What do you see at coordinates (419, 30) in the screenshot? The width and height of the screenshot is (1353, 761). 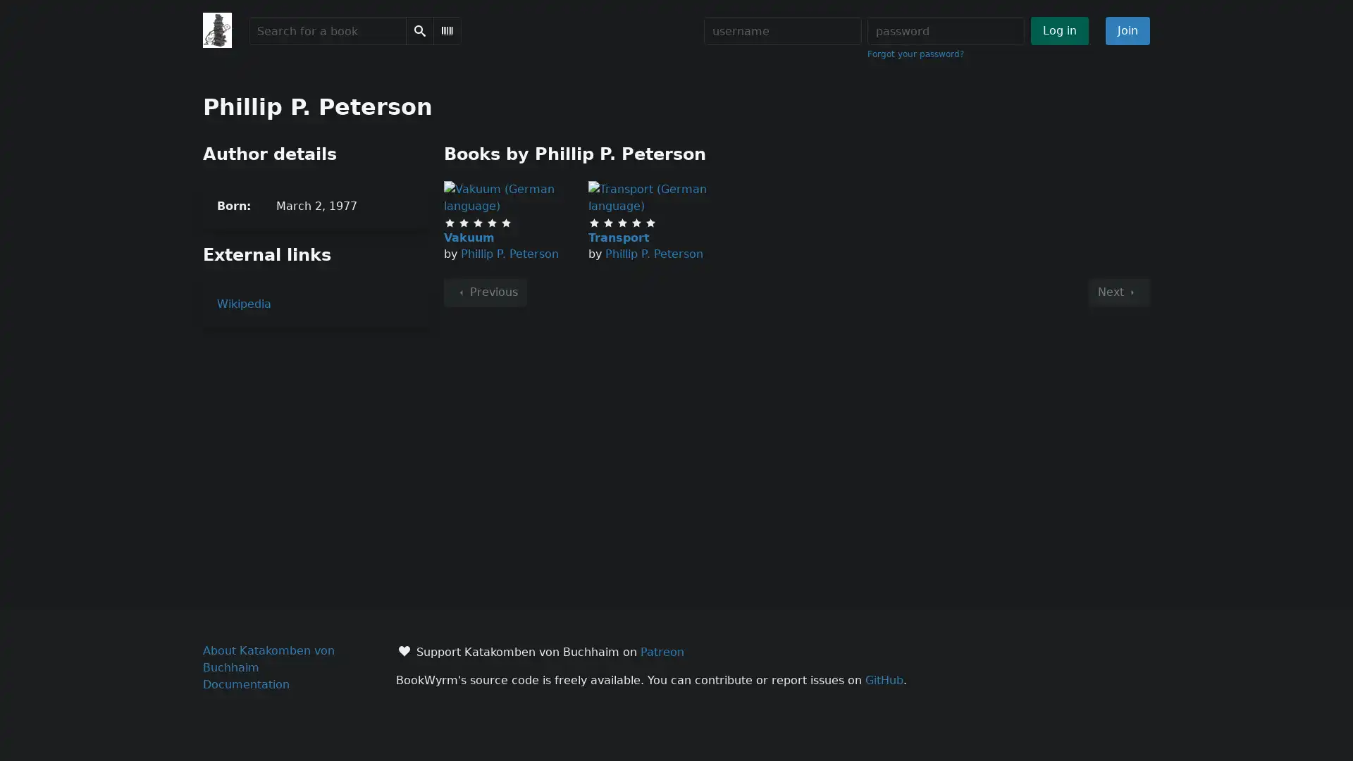 I see `Search` at bounding box center [419, 30].